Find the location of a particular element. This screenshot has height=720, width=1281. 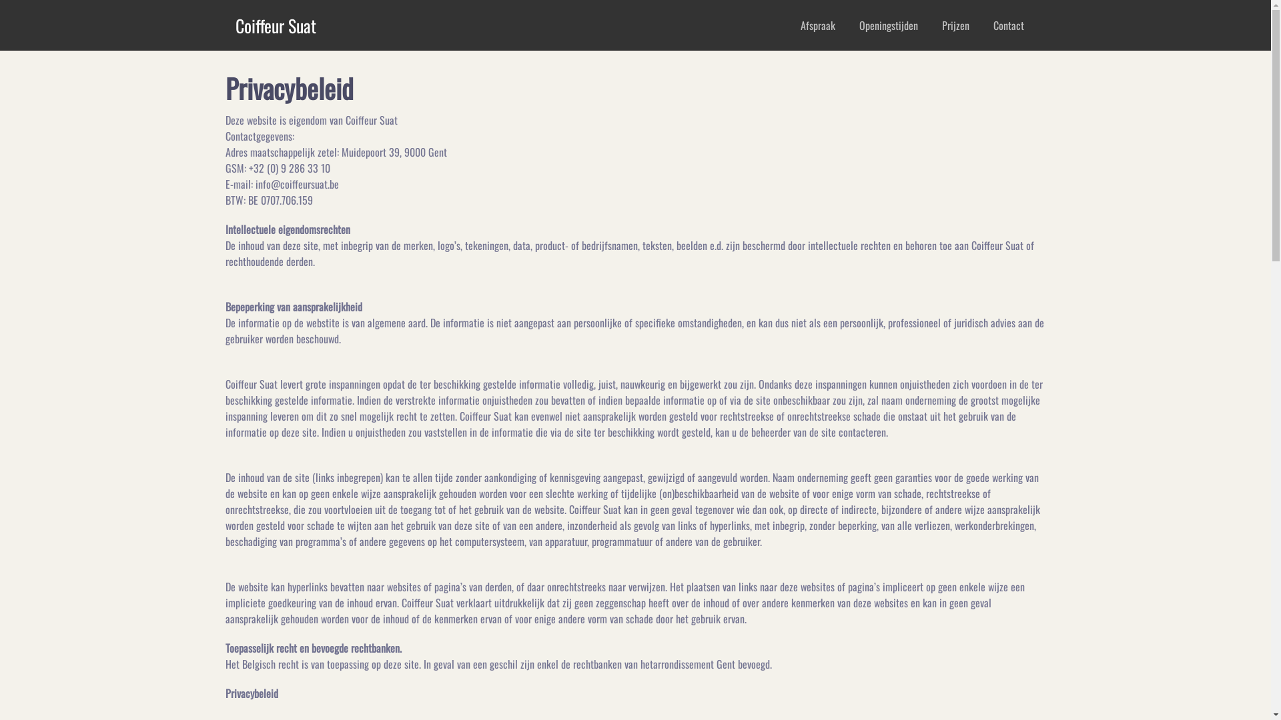

'Afspraak' is located at coordinates (788, 25).